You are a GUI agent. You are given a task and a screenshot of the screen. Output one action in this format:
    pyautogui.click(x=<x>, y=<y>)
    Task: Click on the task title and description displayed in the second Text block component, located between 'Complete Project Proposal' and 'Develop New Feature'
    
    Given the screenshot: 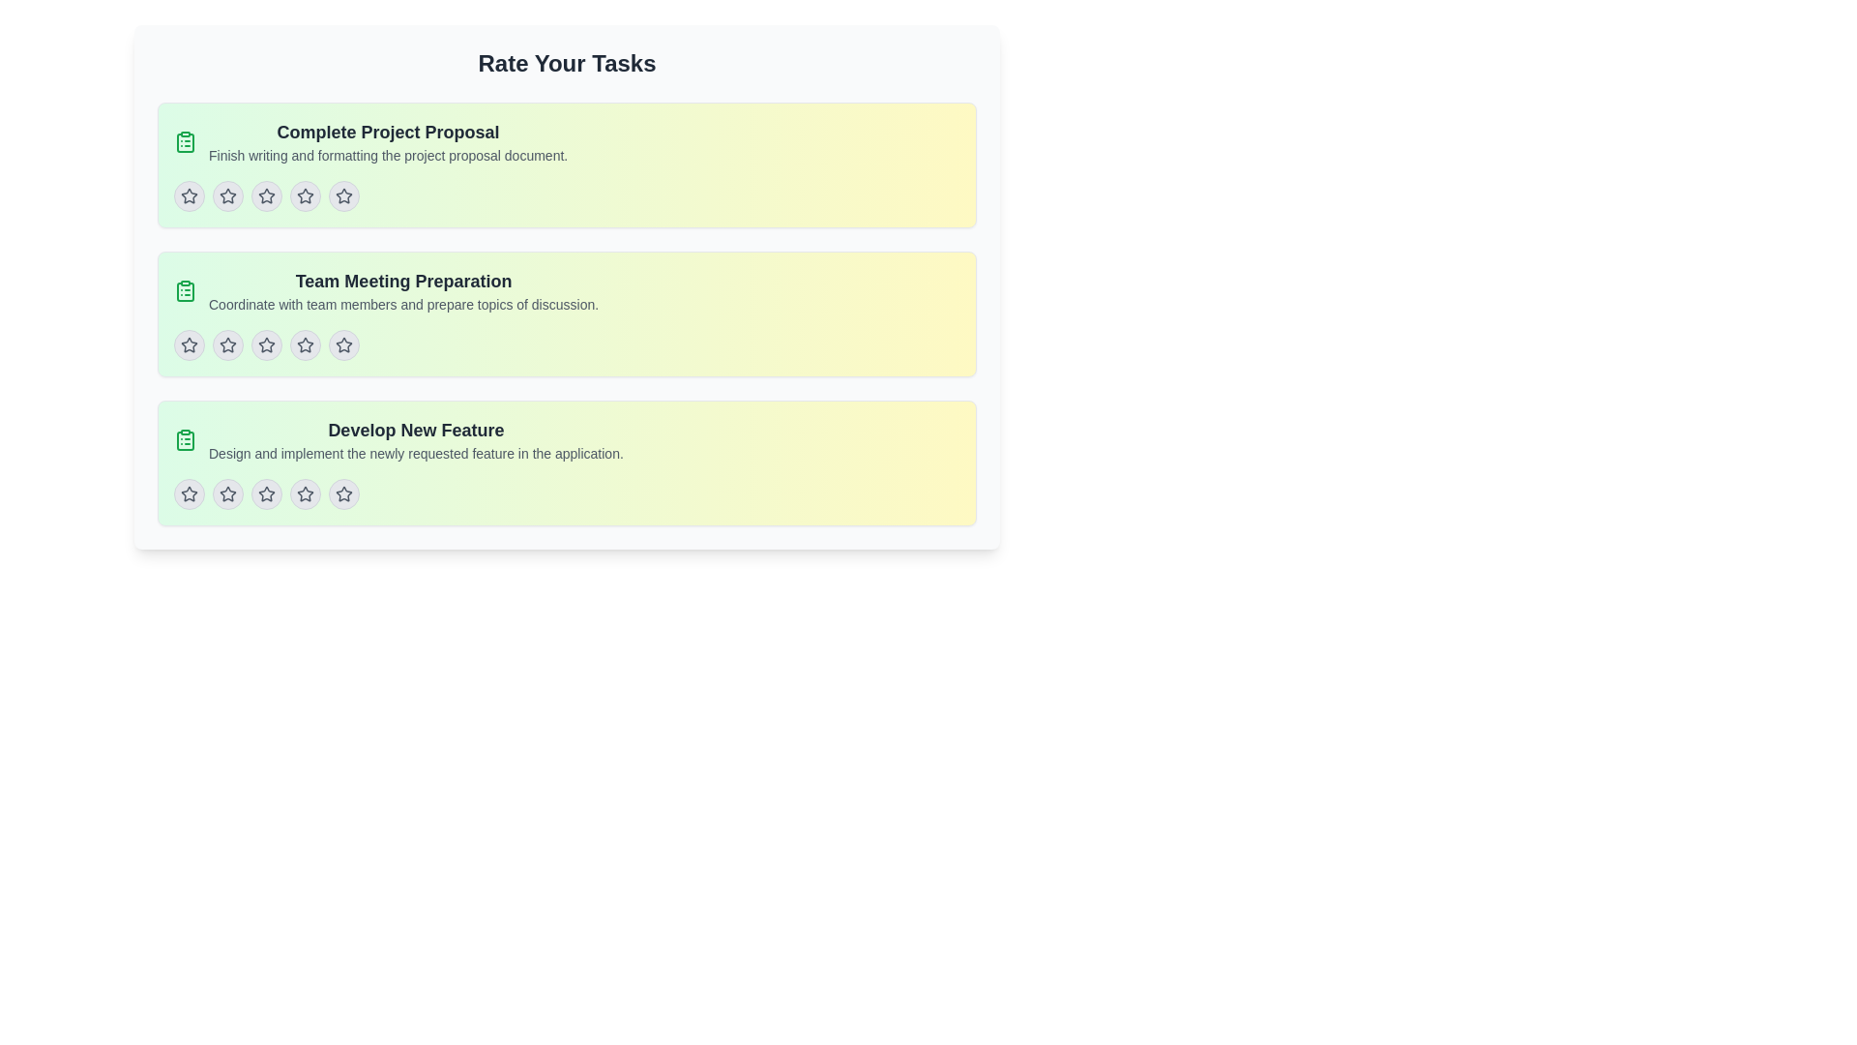 What is the action you would take?
    pyautogui.click(x=402, y=290)
    